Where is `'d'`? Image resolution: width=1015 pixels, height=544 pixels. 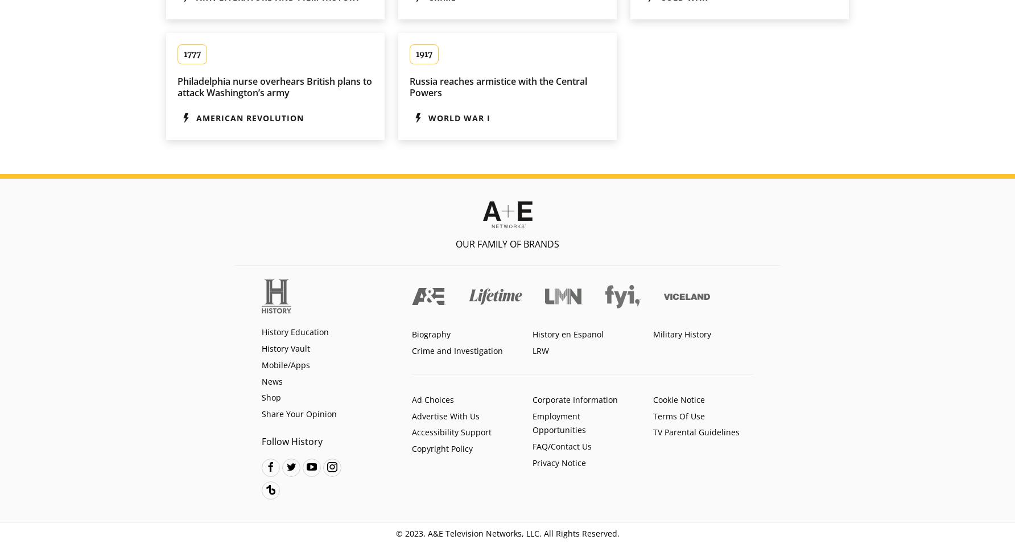 'd' is located at coordinates (270, 465).